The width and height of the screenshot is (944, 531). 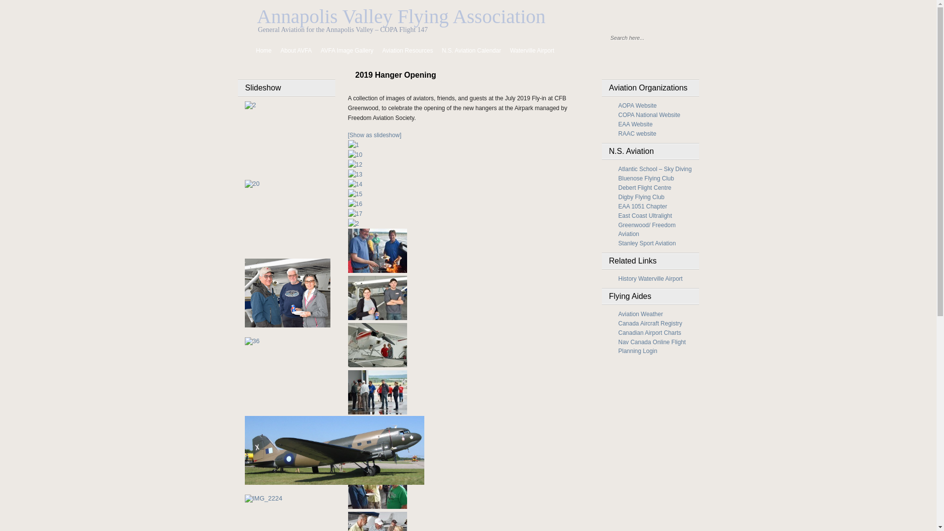 I want to click on 'Digby Flying Club', so click(x=642, y=197).